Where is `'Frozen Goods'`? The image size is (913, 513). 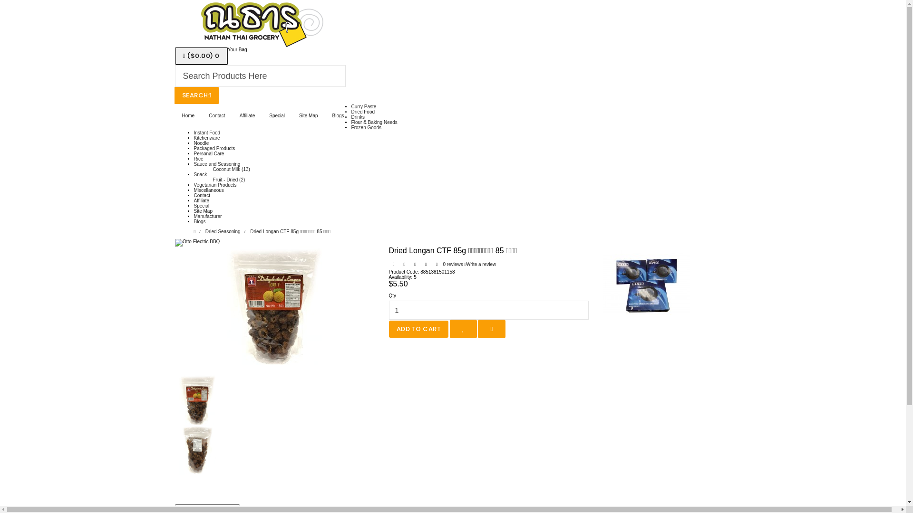 'Frozen Goods' is located at coordinates (351, 127).